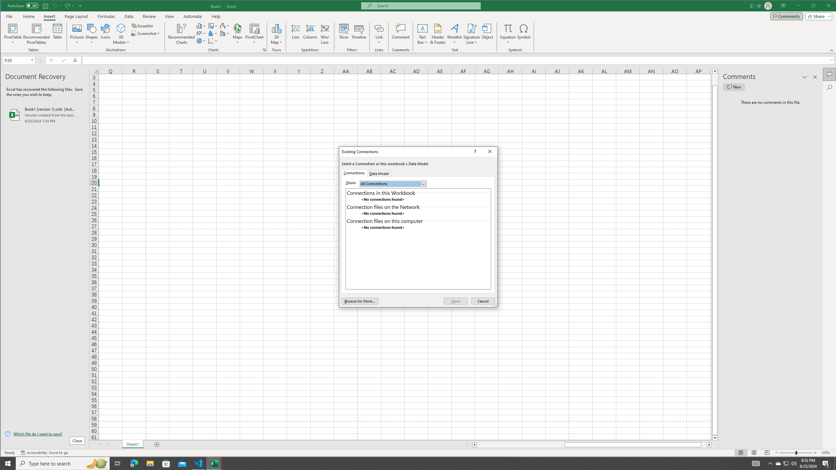 The image size is (836, 470). What do you see at coordinates (474, 445) in the screenshot?
I see `'Column left'` at bounding box center [474, 445].